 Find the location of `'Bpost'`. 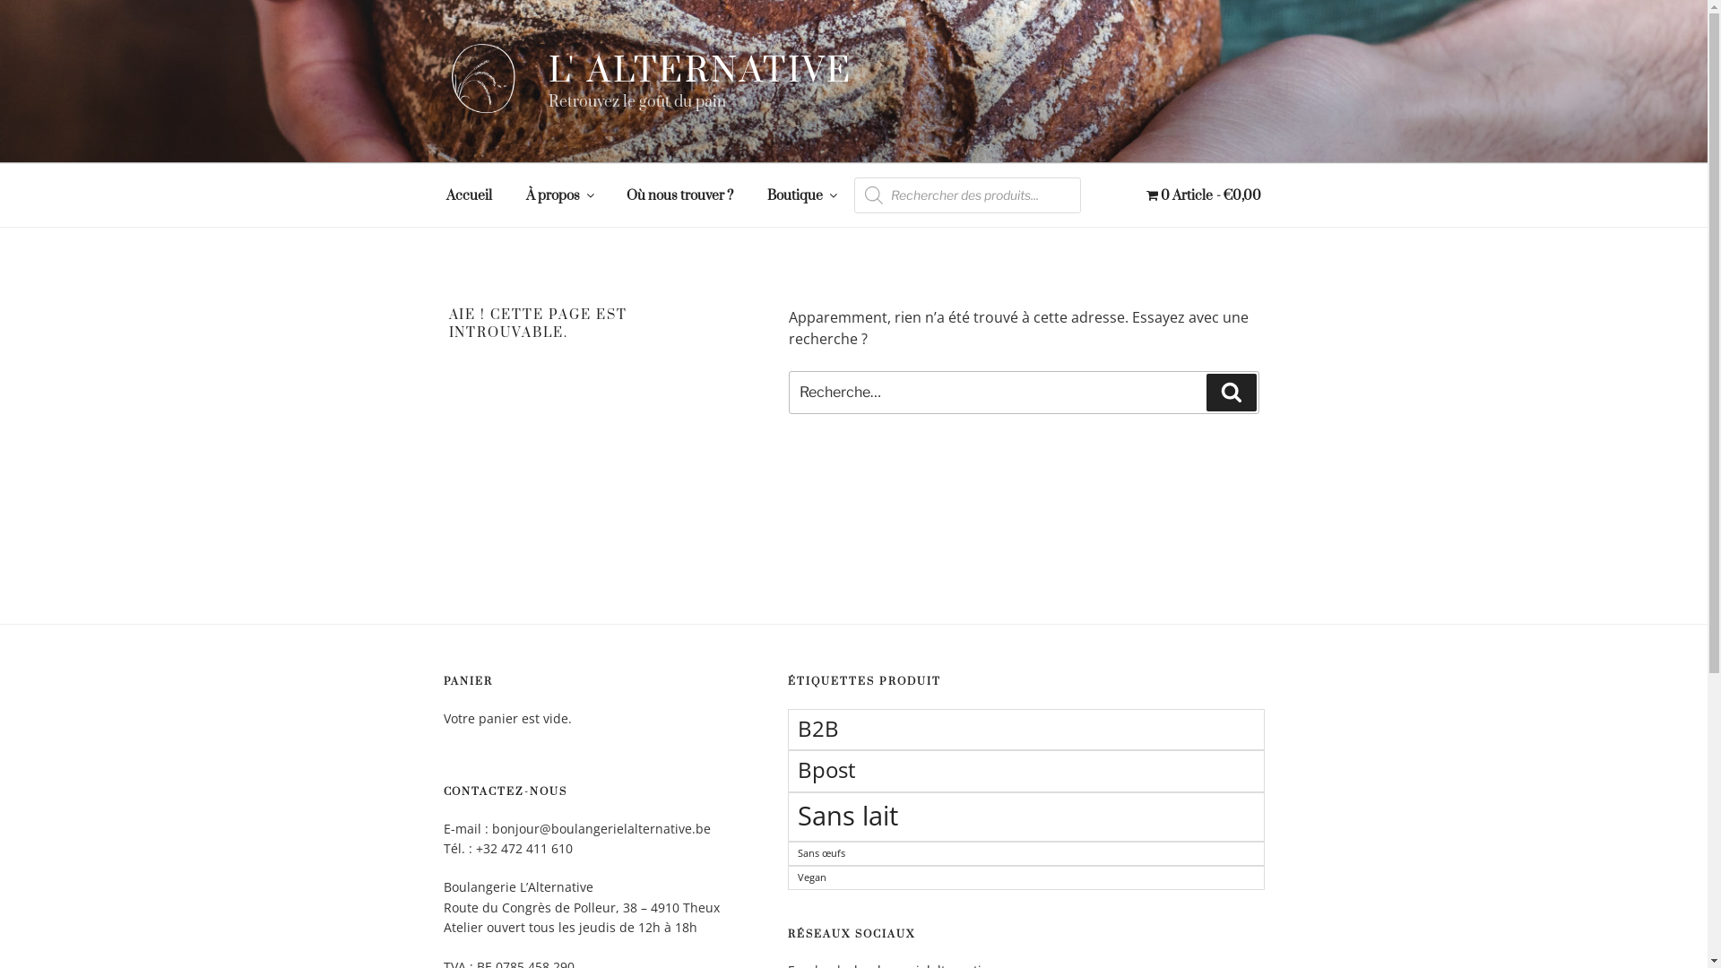

'Bpost' is located at coordinates (787, 770).